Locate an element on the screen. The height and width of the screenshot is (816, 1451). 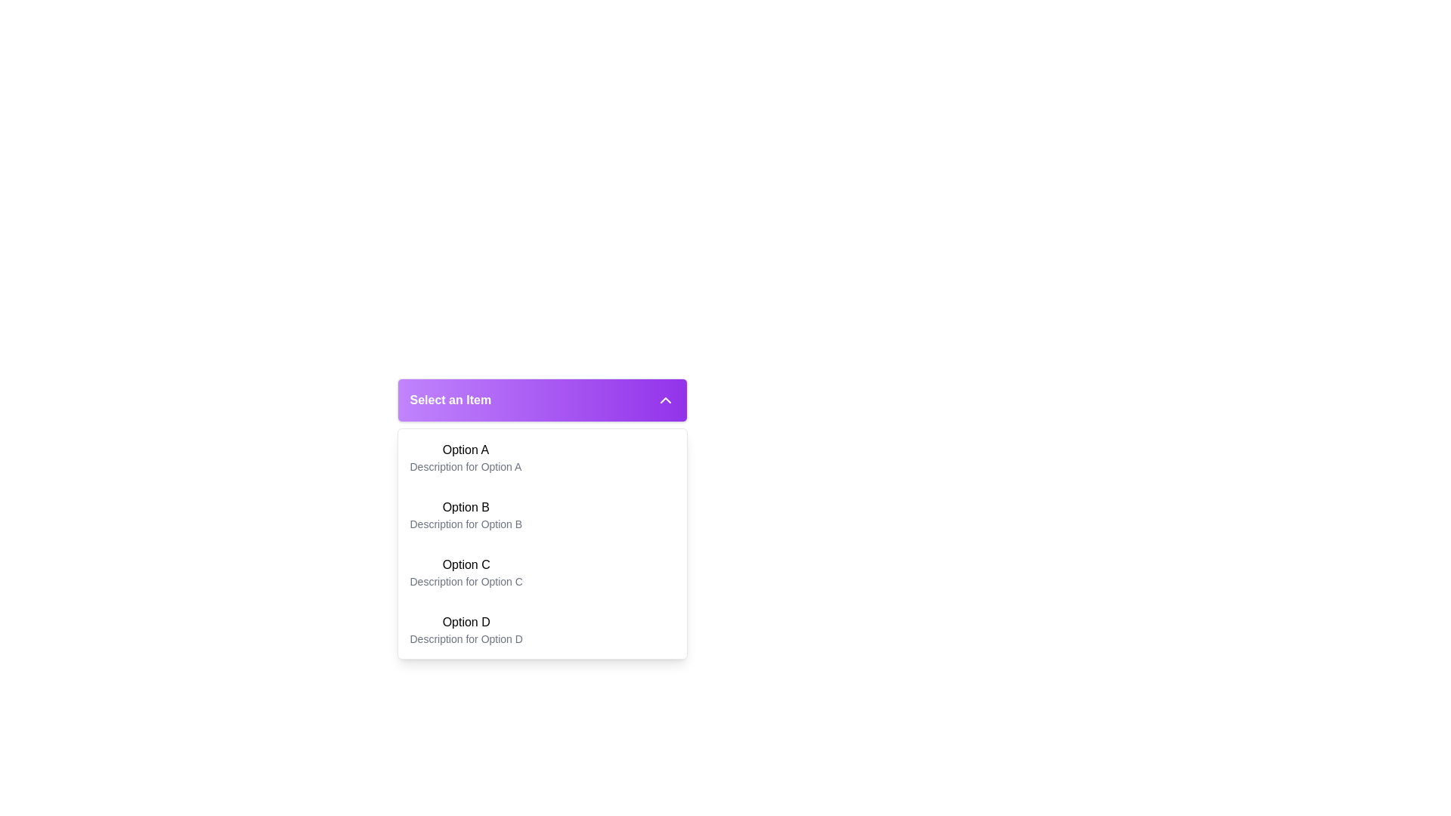
the text label that provides additional details for 'Option B' in the dropdown menu, which is located below 'Option B' and is the second description after 'Option A' is located at coordinates (465, 524).